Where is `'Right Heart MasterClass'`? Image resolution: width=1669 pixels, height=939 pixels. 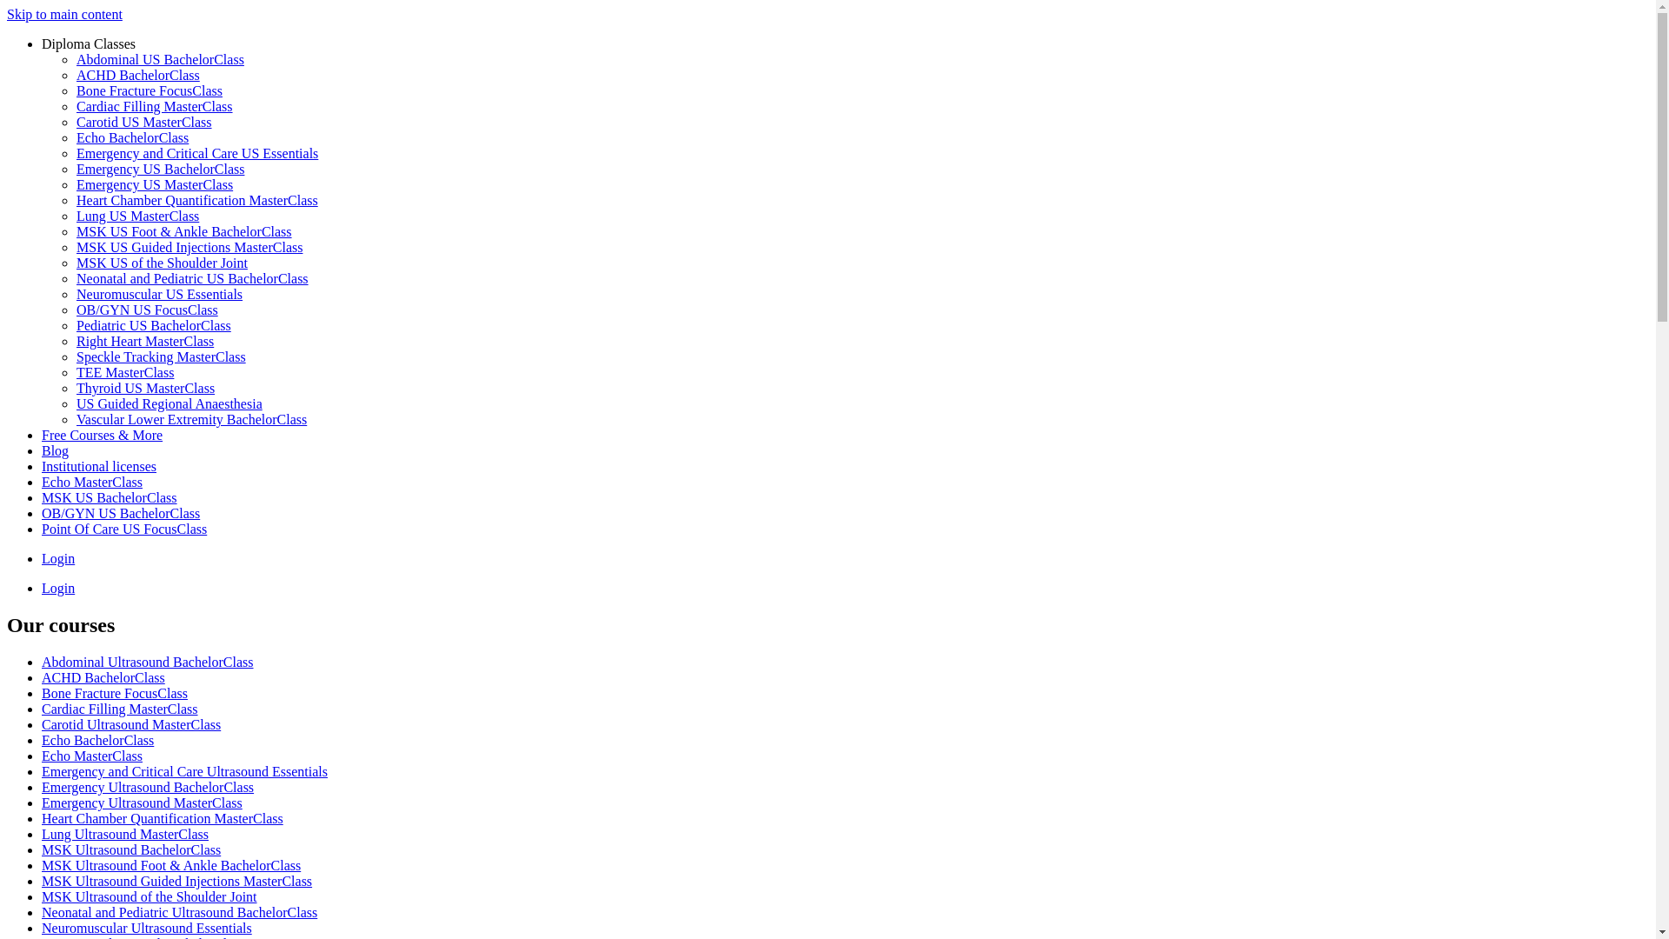 'Right Heart MasterClass' is located at coordinates (75, 341).